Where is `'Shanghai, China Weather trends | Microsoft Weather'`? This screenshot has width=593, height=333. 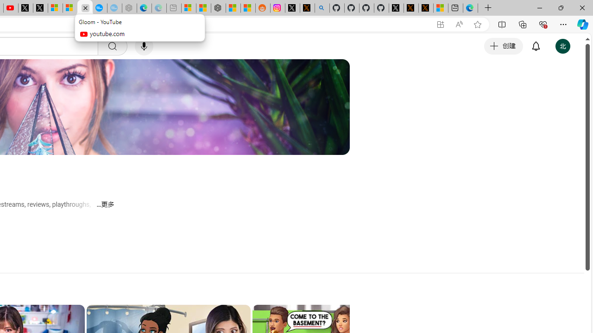
'Shanghai, China Weather trends | Microsoft Weather' is located at coordinates (248, 8).